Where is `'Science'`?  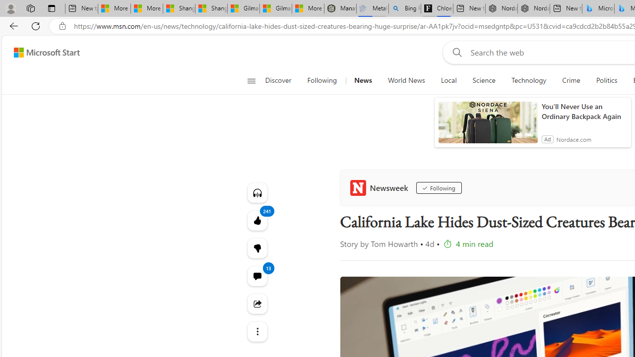 'Science' is located at coordinates (484, 80).